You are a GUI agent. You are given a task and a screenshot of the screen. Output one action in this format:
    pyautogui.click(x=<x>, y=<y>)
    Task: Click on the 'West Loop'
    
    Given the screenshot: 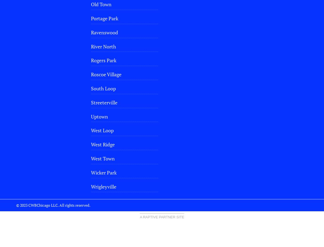 What is the action you would take?
    pyautogui.click(x=102, y=130)
    